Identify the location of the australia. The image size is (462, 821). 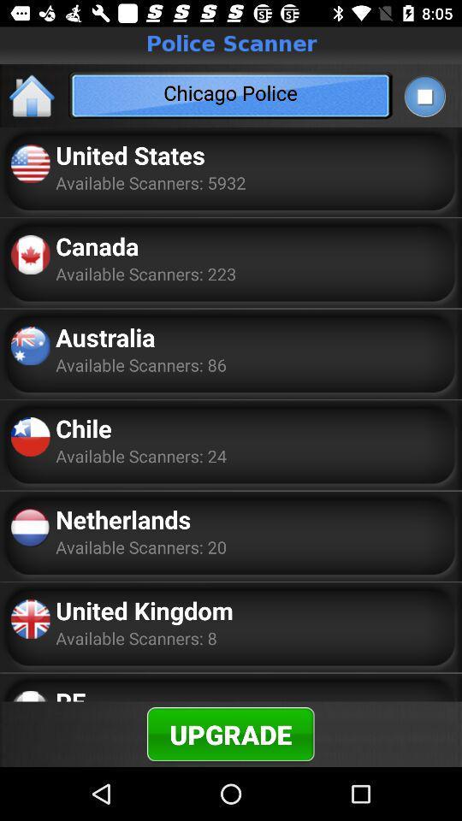
(105, 336).